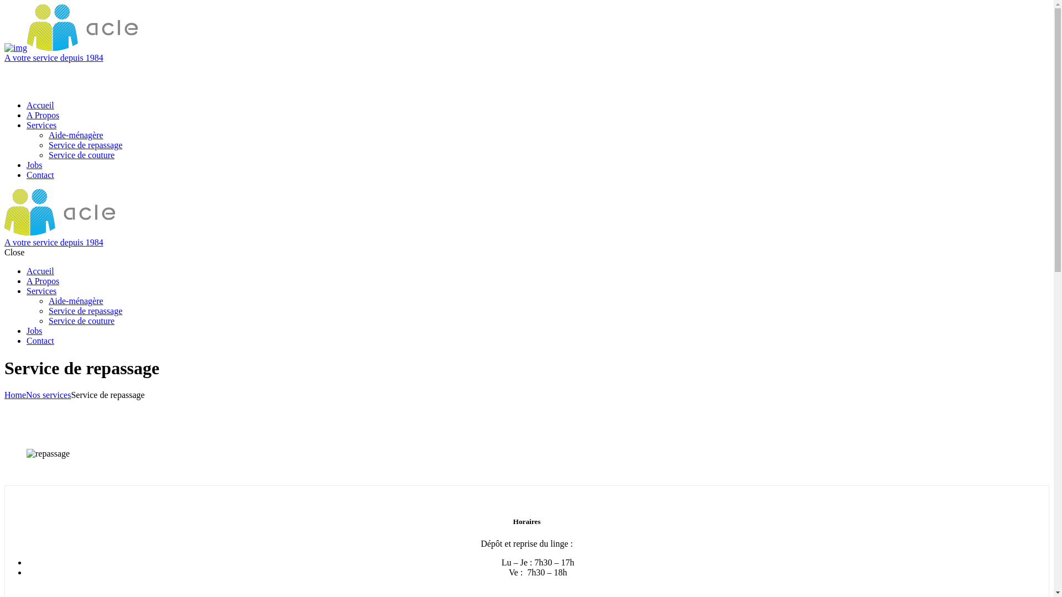 This screenshot has width=1062, height=597. What do you see at coordinates (40, 340) in the screenshot?
I see `'Contact'` at bounding box center [40, 340].